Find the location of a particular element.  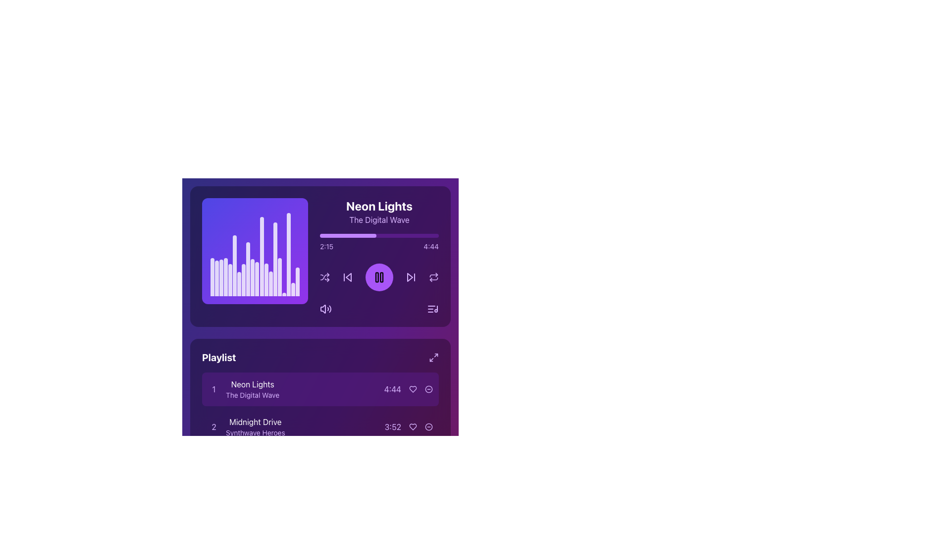

to select the playlist entry titled 'Midnight Drive' by 'Synthwave Heroes', which is the second entry in the list is located at coordinates (246, 426).